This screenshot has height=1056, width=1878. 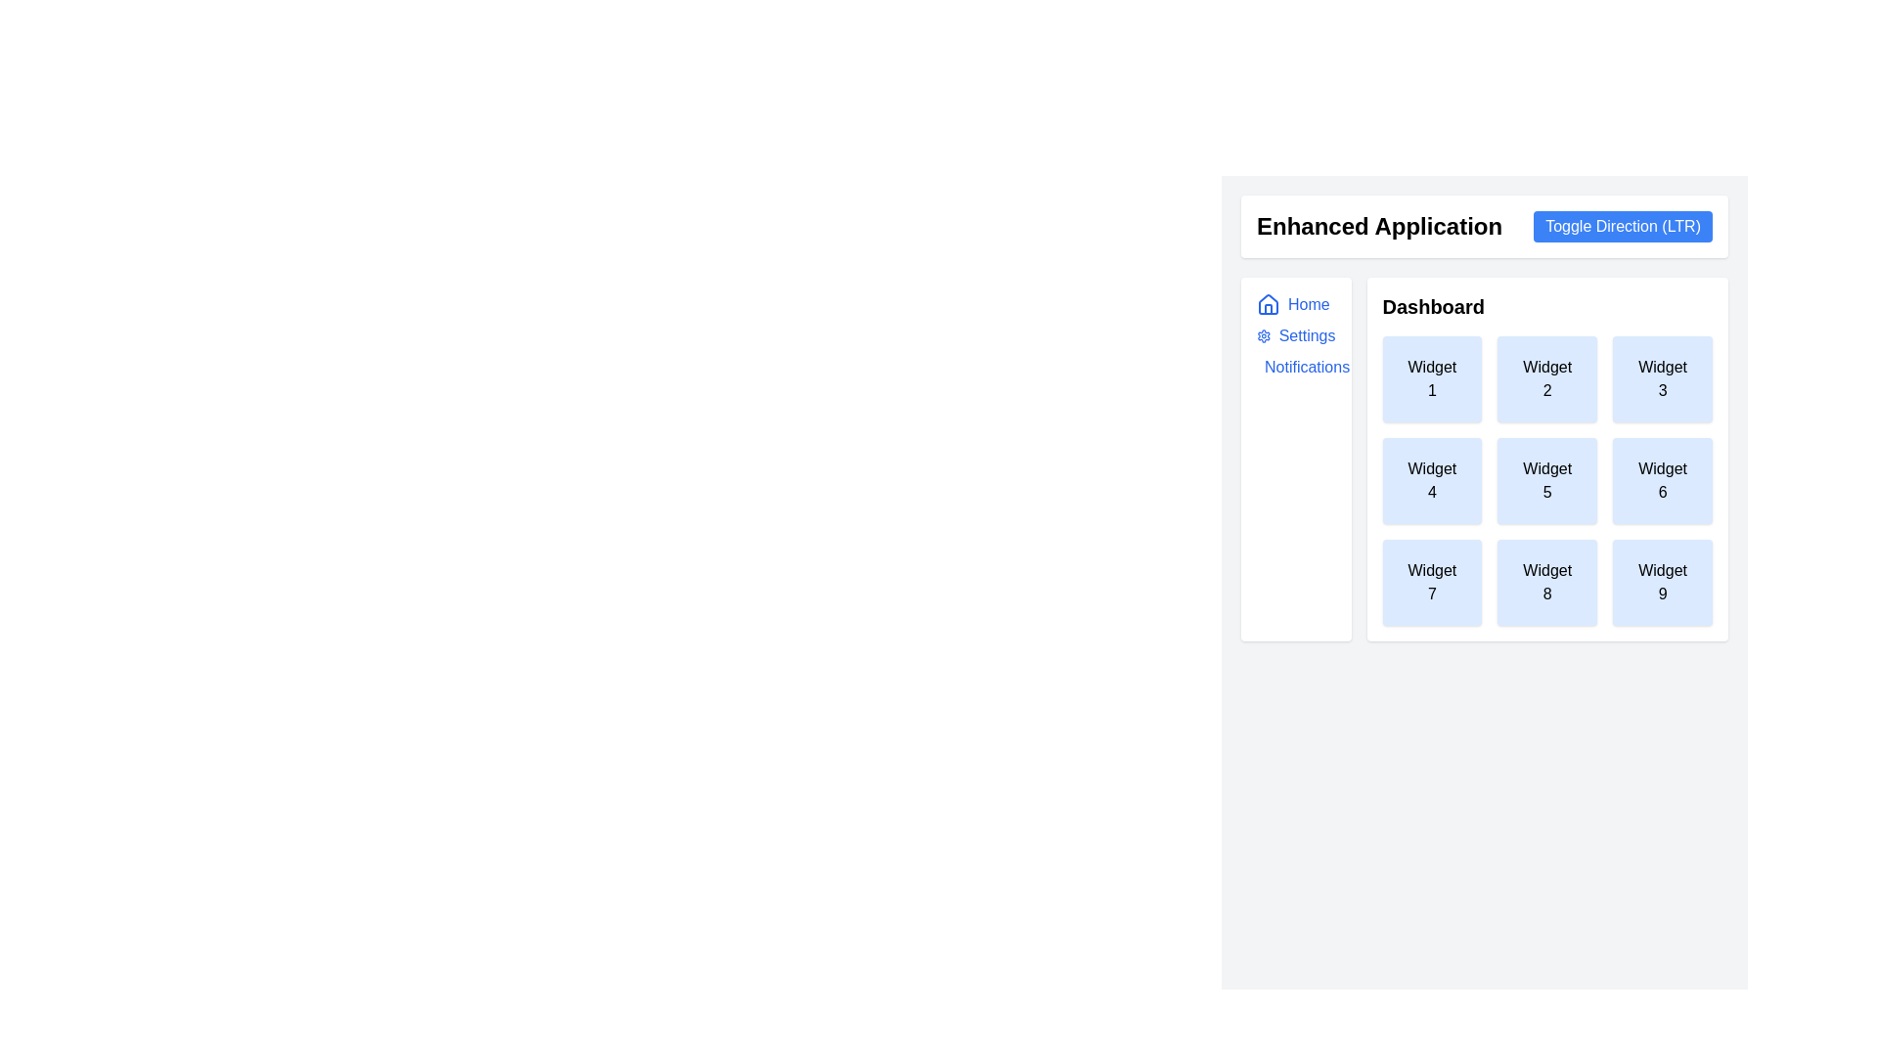 I want to click on the 'Home' navigation link with an icon and text, so click(x=1296, y=305).